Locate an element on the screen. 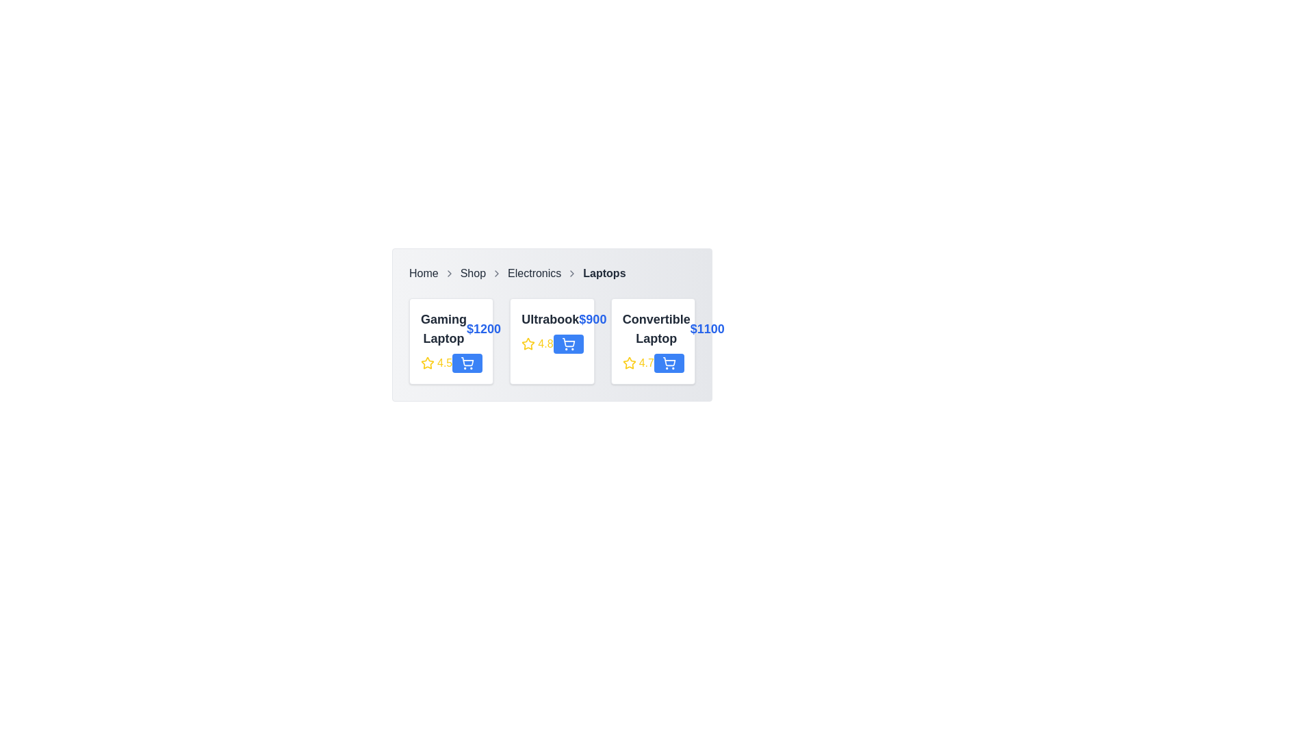 This screenshot has width=1314, height=739. the 'Gaming Laptop' text display and related elements in the card located at the upper-left section of the card is located at coordinates (451, 329).